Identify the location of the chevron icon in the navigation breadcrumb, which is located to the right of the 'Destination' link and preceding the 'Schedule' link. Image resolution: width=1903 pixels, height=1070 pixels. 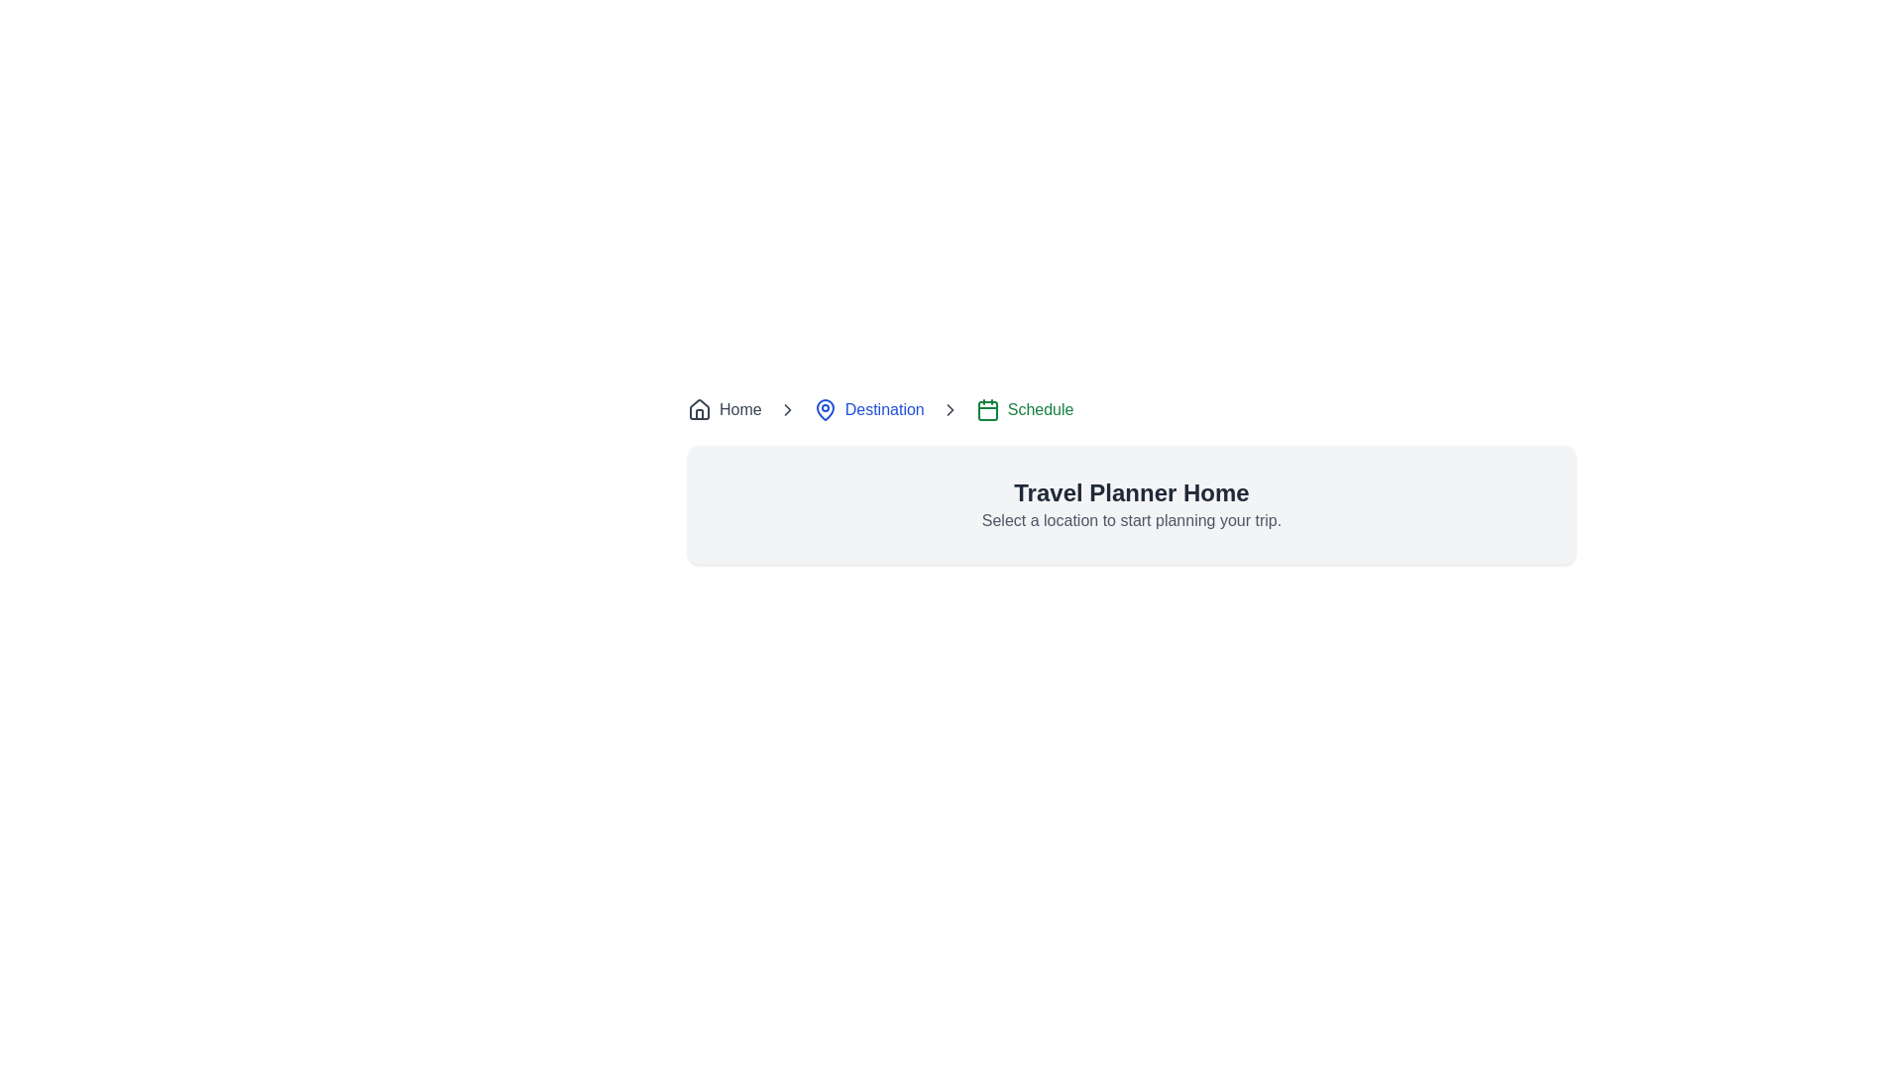
(786, 408).